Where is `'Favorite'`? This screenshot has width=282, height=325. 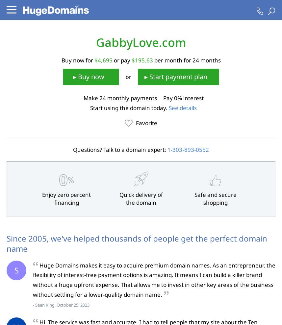
'Favorite' is located at coordinates (146, 122).